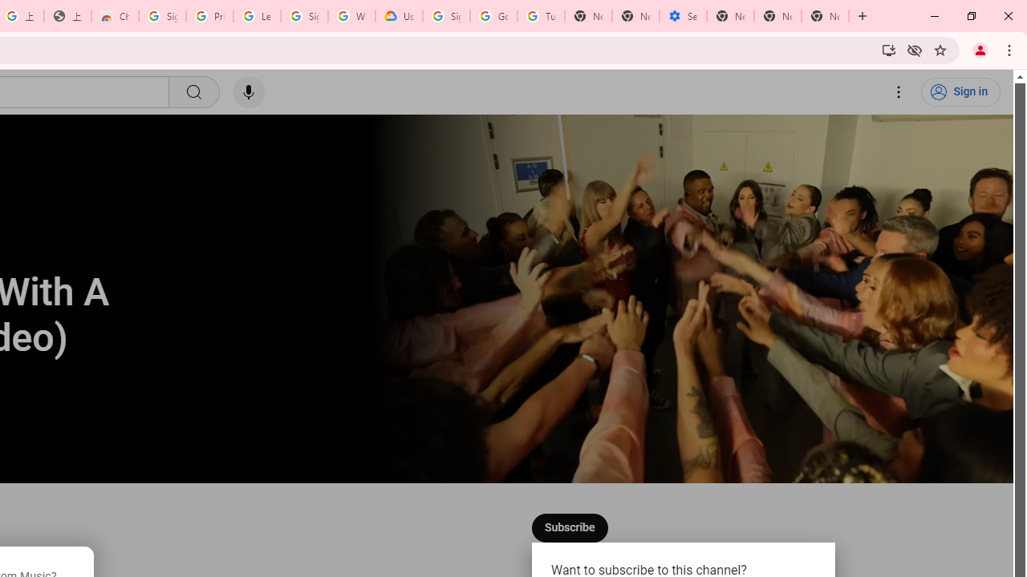 Image resolution: width=1027 pixels, height=577 pixels. What do you see at coordinates (887, 49) in the screenshot?
I see `'Install YouTube'` at bounding box center [887, 49].